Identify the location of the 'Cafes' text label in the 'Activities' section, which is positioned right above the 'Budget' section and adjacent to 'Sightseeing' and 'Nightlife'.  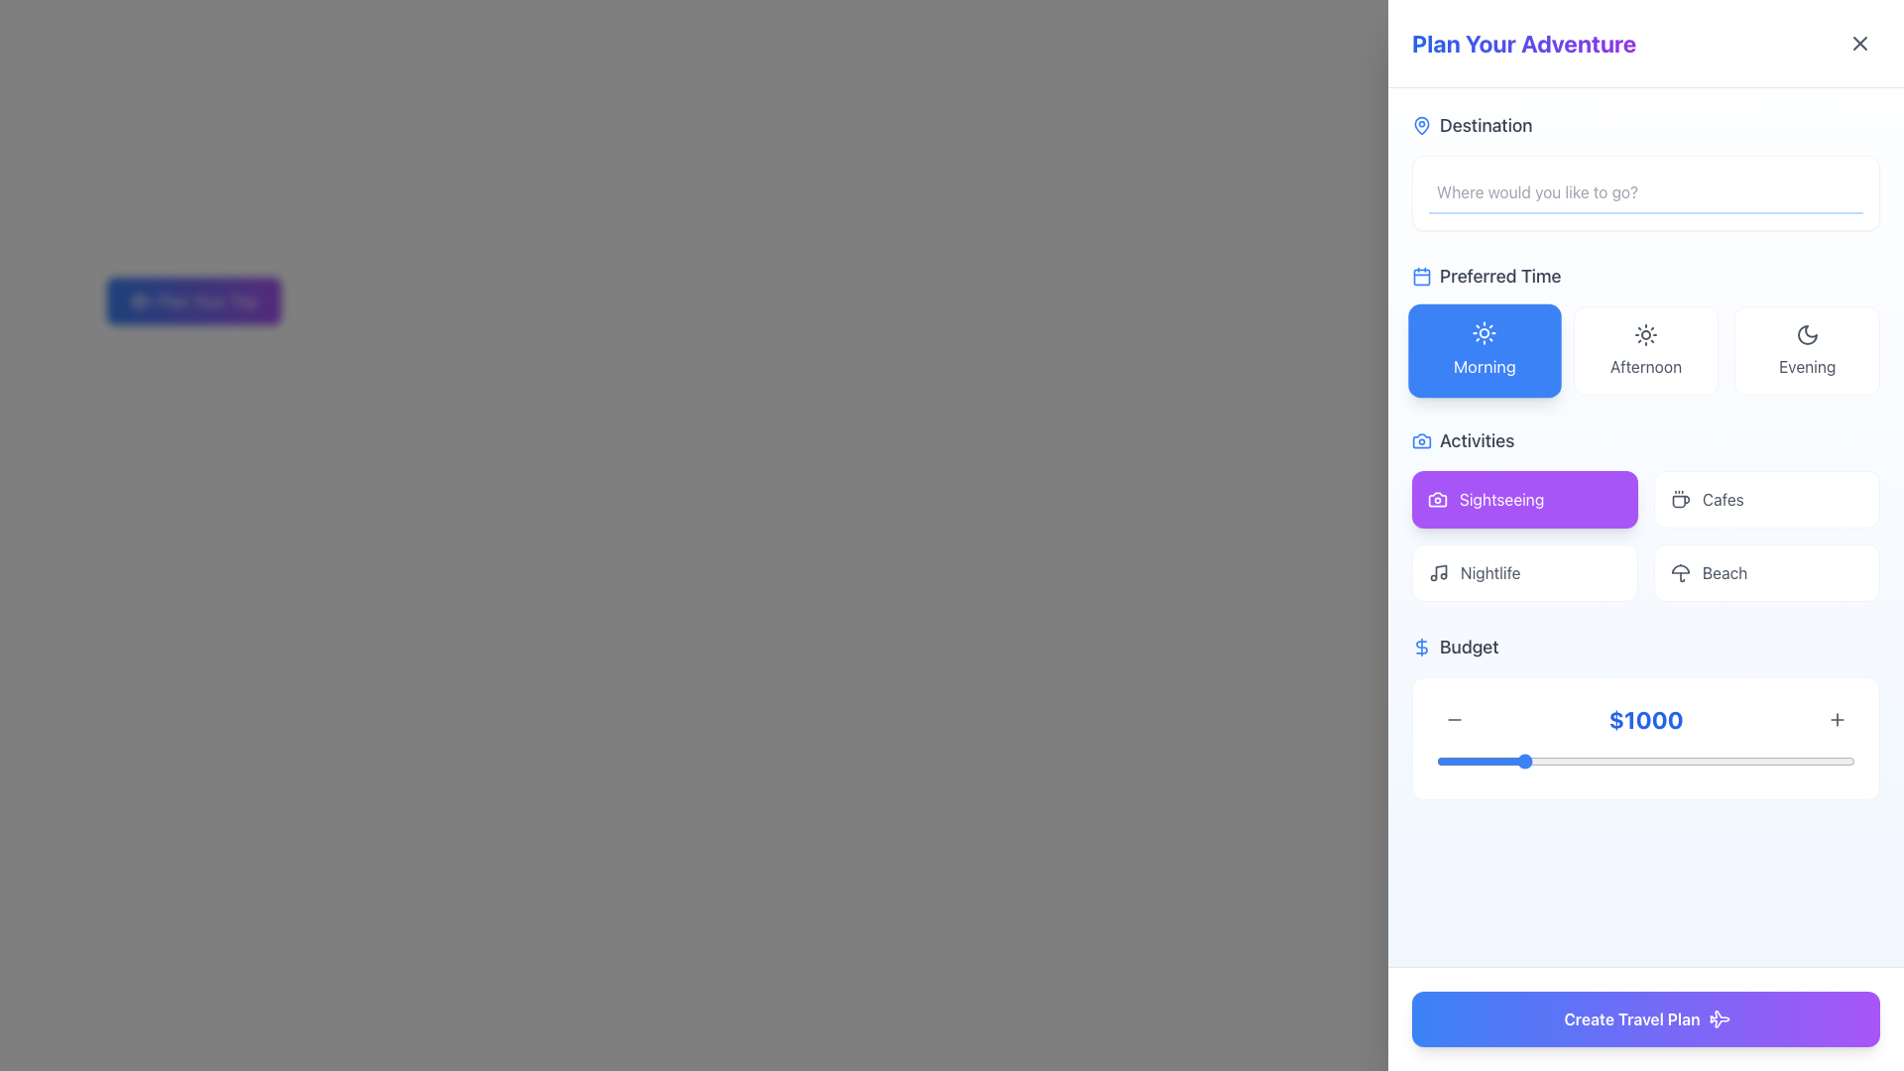
(1722, 499).